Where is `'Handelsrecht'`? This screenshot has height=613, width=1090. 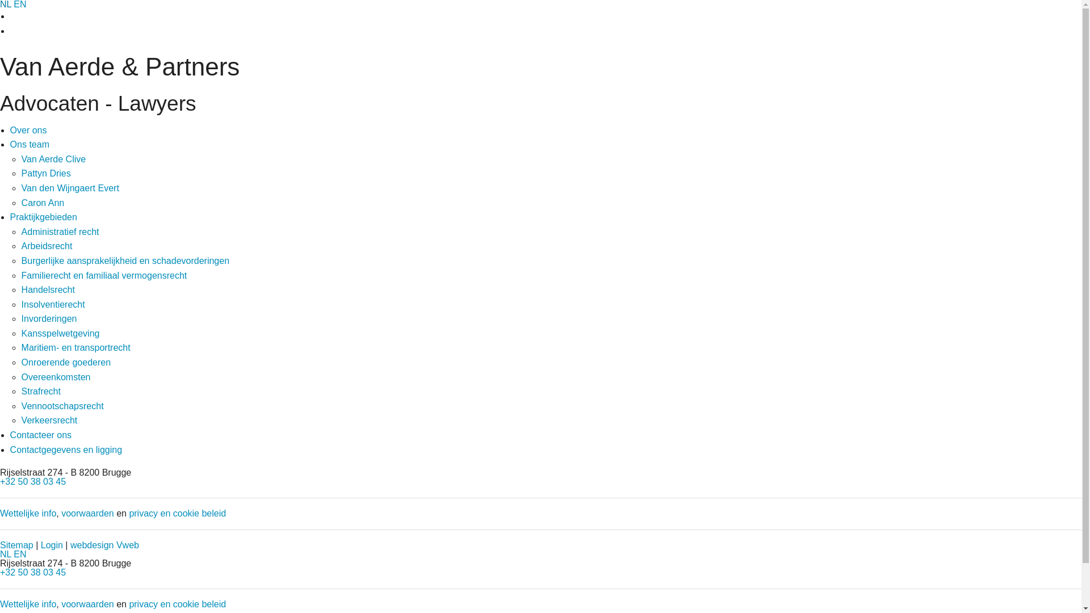
'Handelsrecht' is located at coordinates (48, 289).